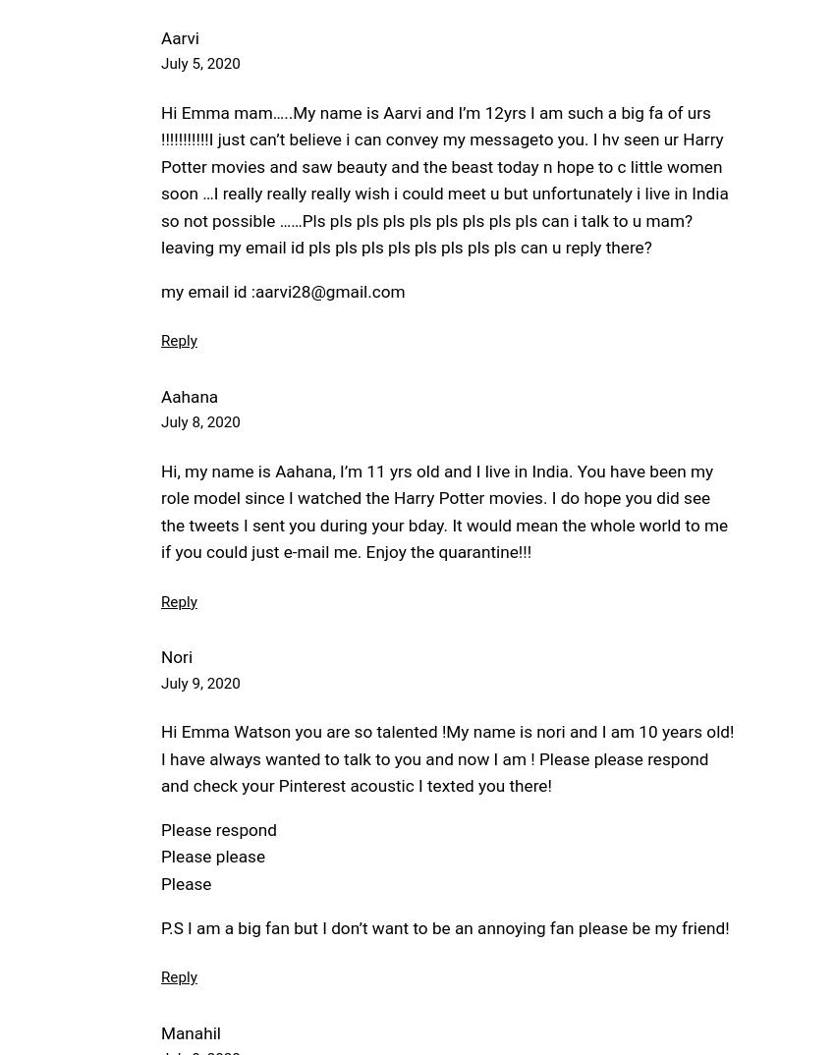 The width and height of the screenshot is (835, 1055). I want to click on 'Manahil', so click(190, 1032).